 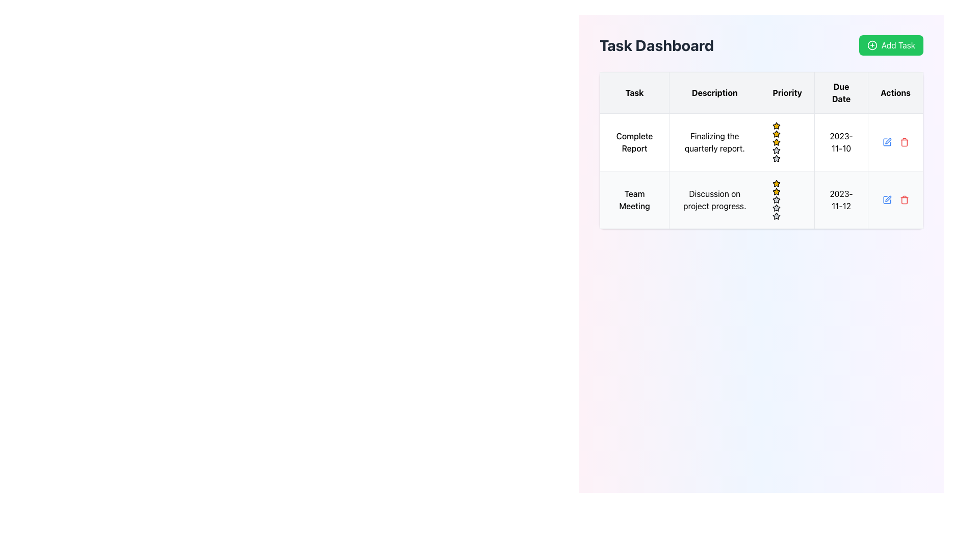 What do you see at coordinates (776, 191) in the screenshot?
I see `the star-shaped icon in the 'Priority' column of the second row in the table, representing the first star in the five-star rating system for the 'Team Meeting' task` at bounding box center [776, 191].